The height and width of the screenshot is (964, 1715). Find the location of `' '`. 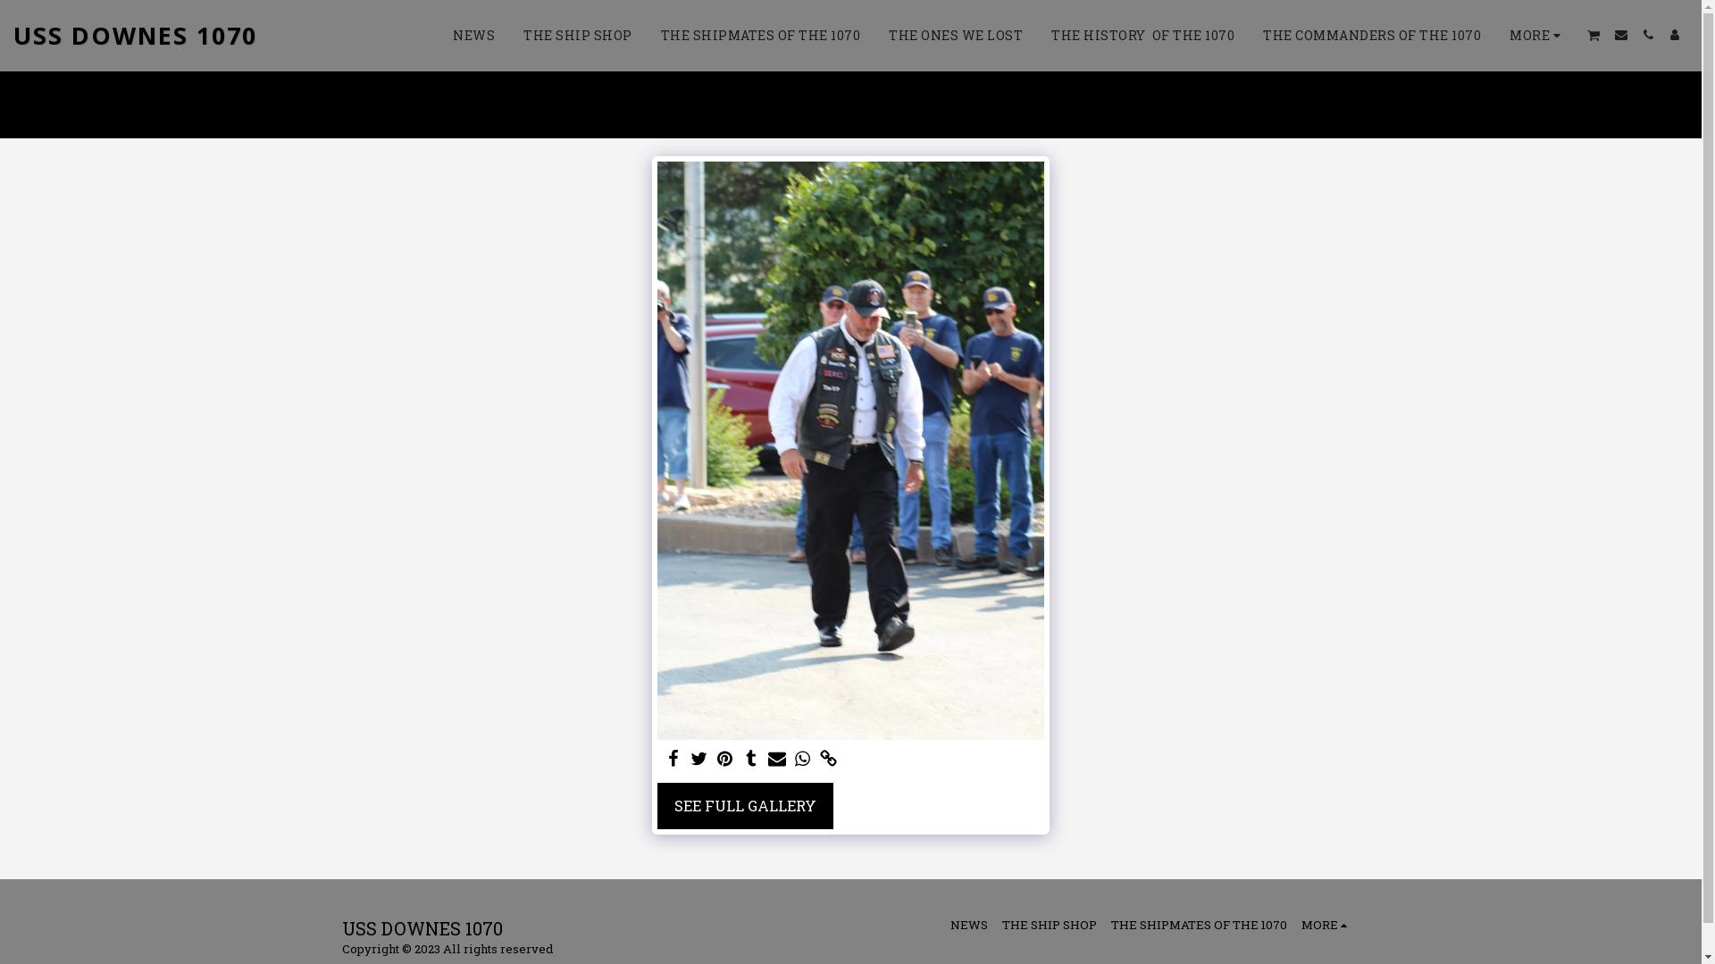

' ' is located at coordinates (715, 760).